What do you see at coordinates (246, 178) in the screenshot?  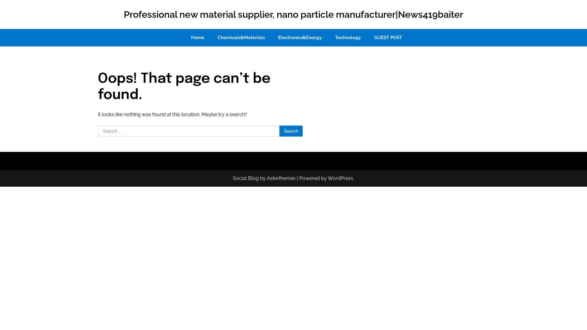 I see `'Social Blog'` at bounding box center [246, 178].